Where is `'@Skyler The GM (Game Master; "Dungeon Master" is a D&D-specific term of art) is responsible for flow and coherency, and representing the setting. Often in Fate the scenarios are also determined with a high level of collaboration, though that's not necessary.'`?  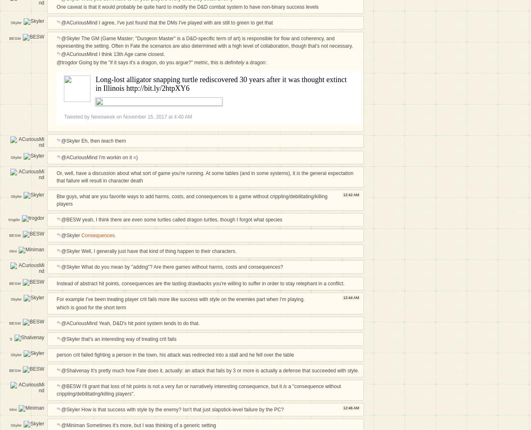 '@Skyler The GM (Game Master; "Dungeon Master" is a D&D-specific term of art) is responsible for flow and coherency, and representing the setting. Often in Fate the scenarios are also determined with a high level of collaboration, though that's not necessary.' is located at coordinates (205, 42).